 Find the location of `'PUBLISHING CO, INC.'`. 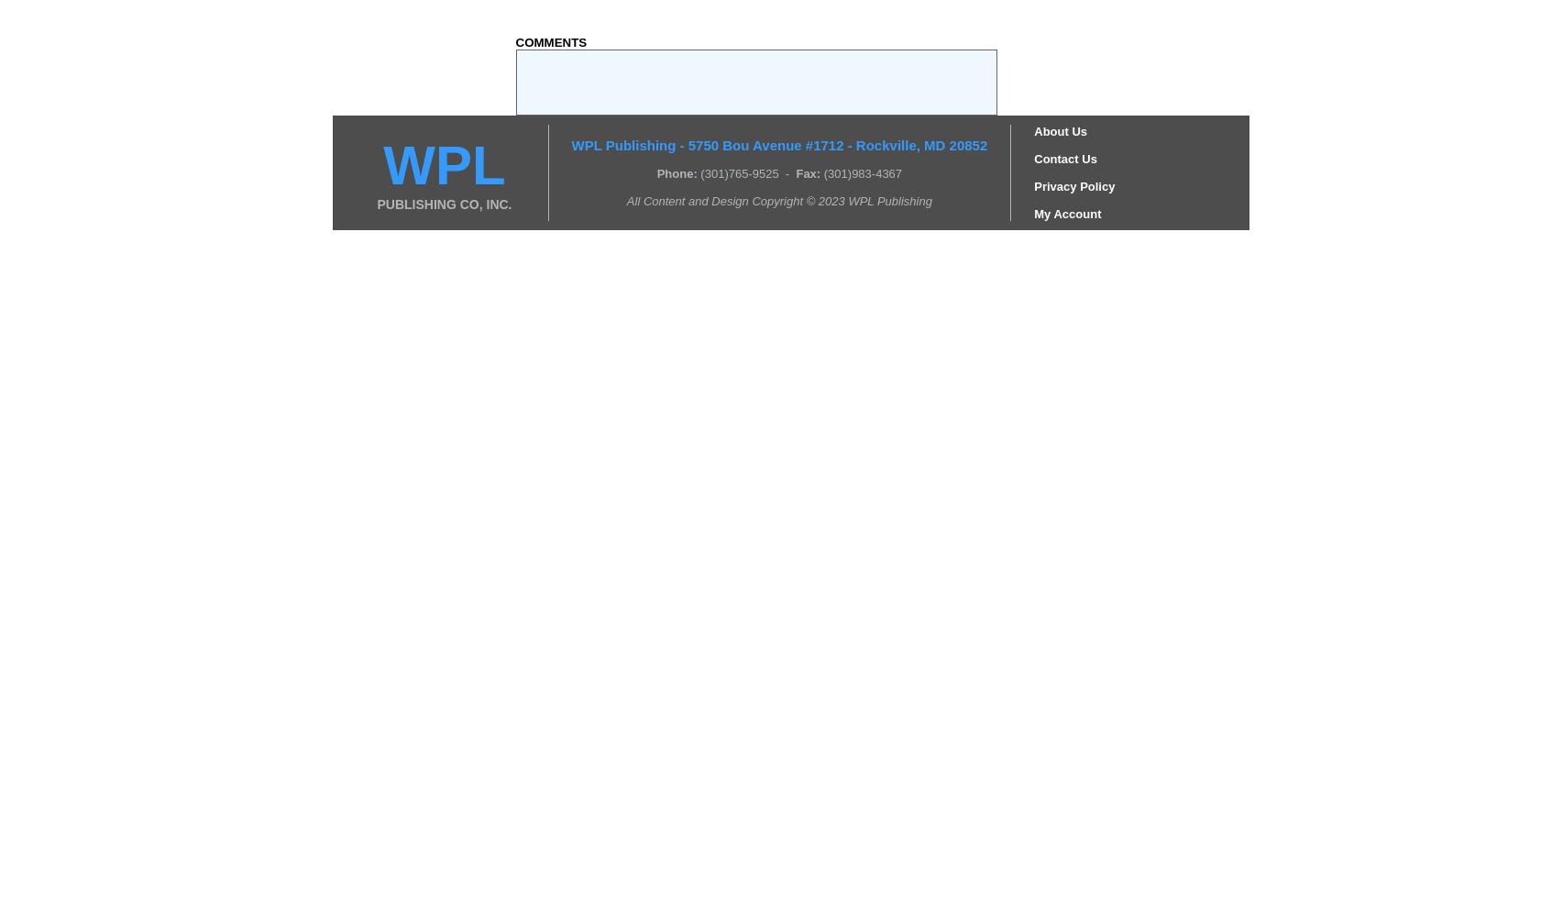

'PUBLISHING CO, INC.' is located at coordinates (443, 203).